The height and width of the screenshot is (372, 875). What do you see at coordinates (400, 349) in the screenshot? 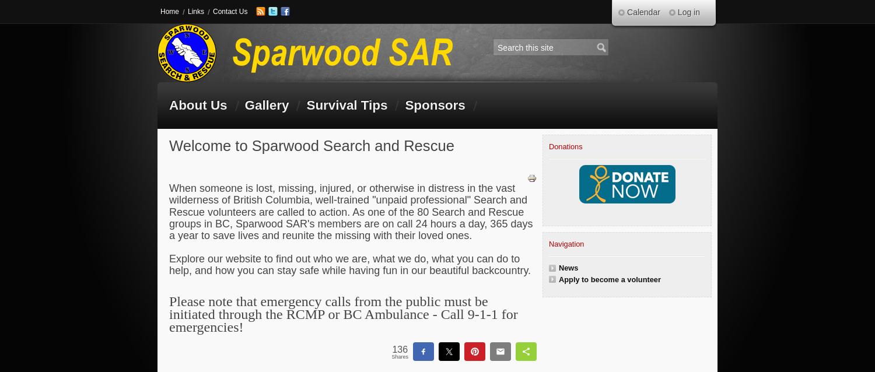
I see `'136'` at bounding box center [400, 349].